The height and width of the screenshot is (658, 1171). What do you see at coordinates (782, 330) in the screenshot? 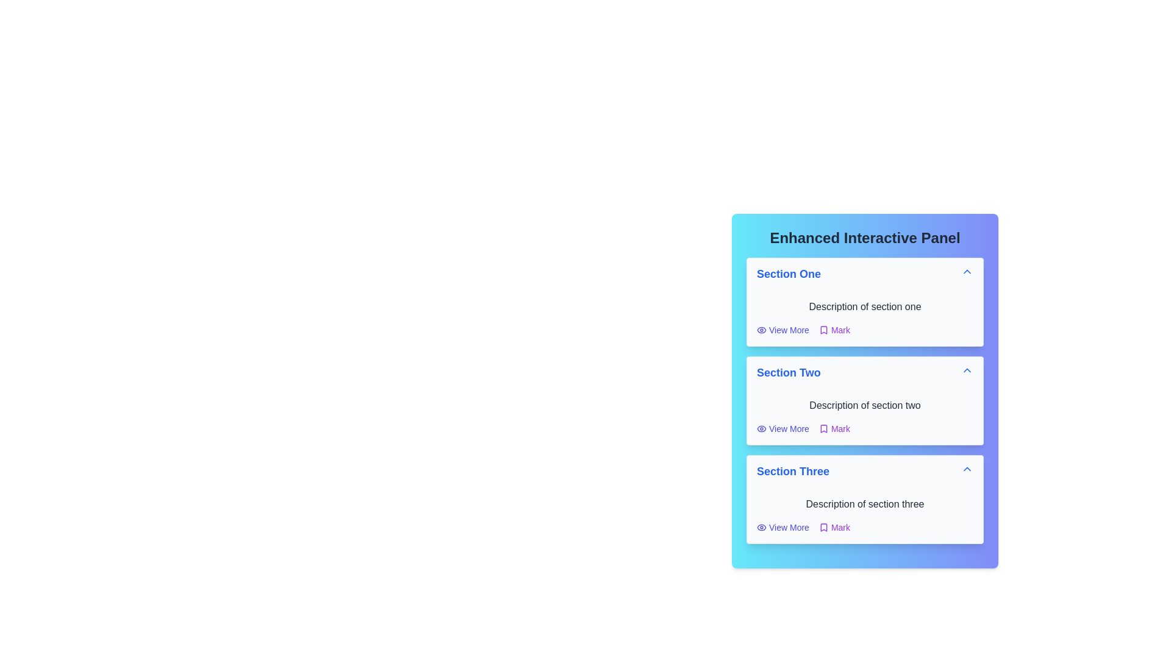
I see `the 'View More' button, which is a clickable text link with an eye icon located under the 'Section One' heading in the enhanced interactive panel` at bounding box center [782, 330].